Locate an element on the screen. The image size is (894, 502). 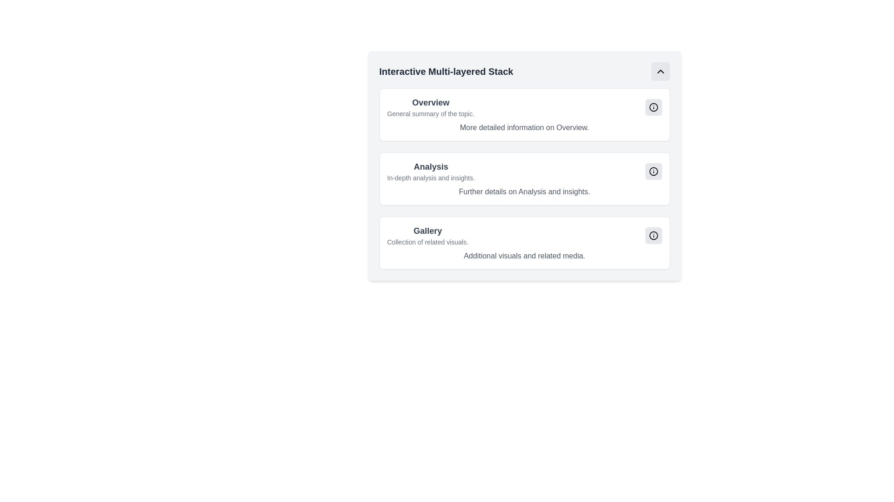
the text label that reads 'General summary of the topic.', which is styled in a smaller gray font and positioned below the 'Overview' title is located at coordinates (430, 113).